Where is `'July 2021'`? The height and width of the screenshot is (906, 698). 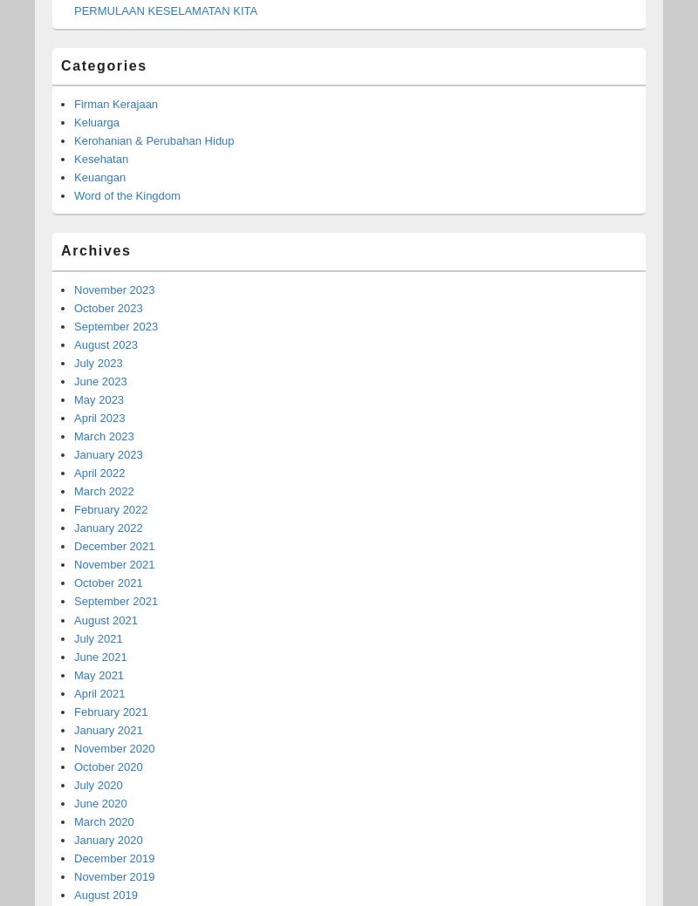
'July 2021' is located at coordinates (73, 637).